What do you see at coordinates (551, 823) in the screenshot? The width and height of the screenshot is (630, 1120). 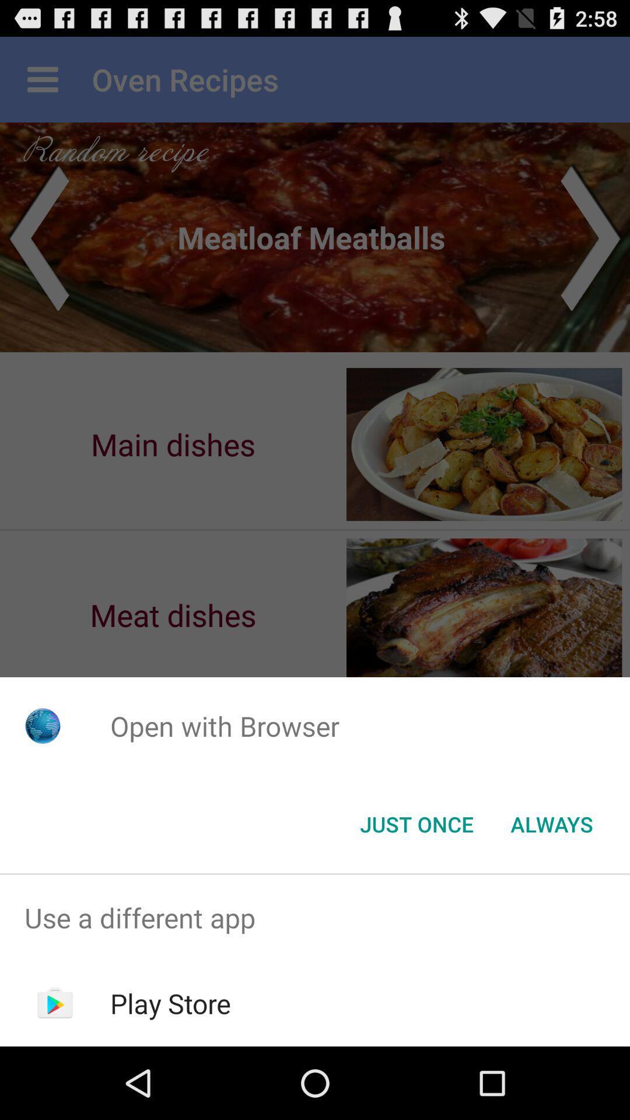 I see `the button next to the just once` at bounding box center [551, 823].